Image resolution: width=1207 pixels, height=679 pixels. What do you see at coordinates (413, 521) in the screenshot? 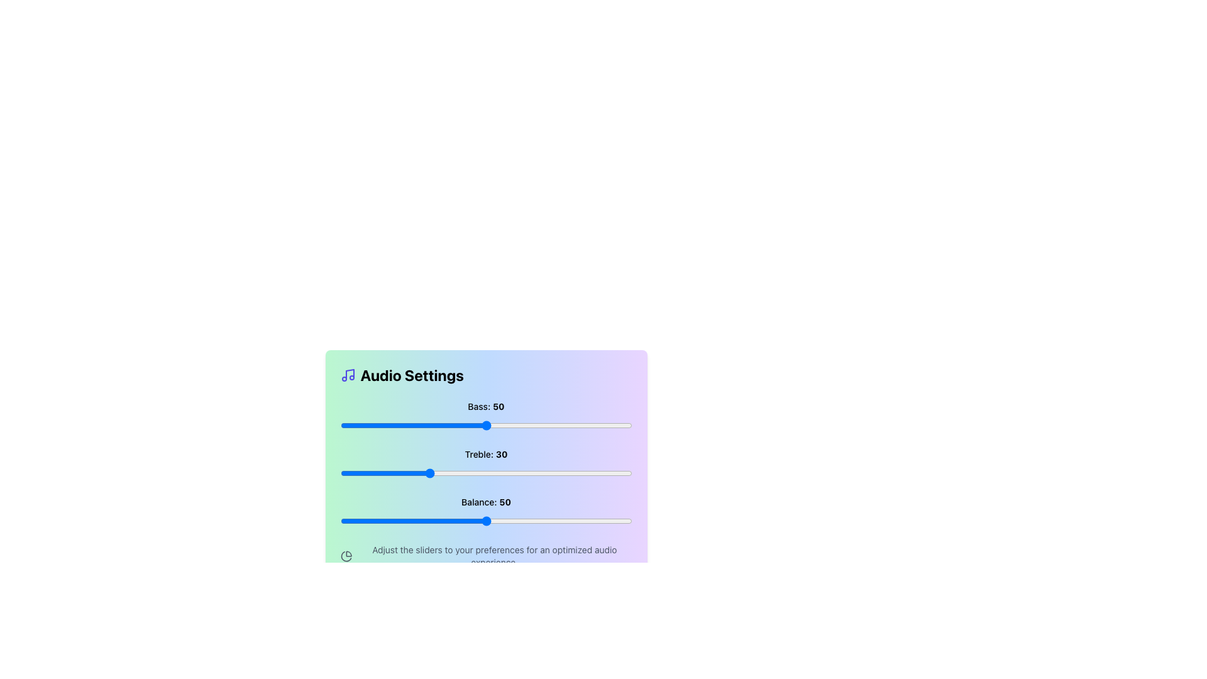
I see `balance` at bounding box center [413, 521].